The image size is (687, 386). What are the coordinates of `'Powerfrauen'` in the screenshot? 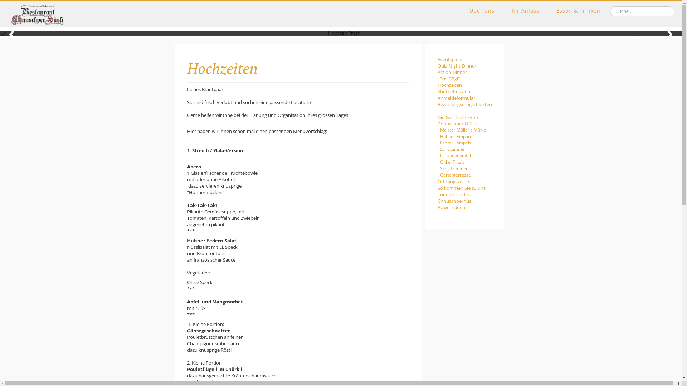 It's located at (437, 207).